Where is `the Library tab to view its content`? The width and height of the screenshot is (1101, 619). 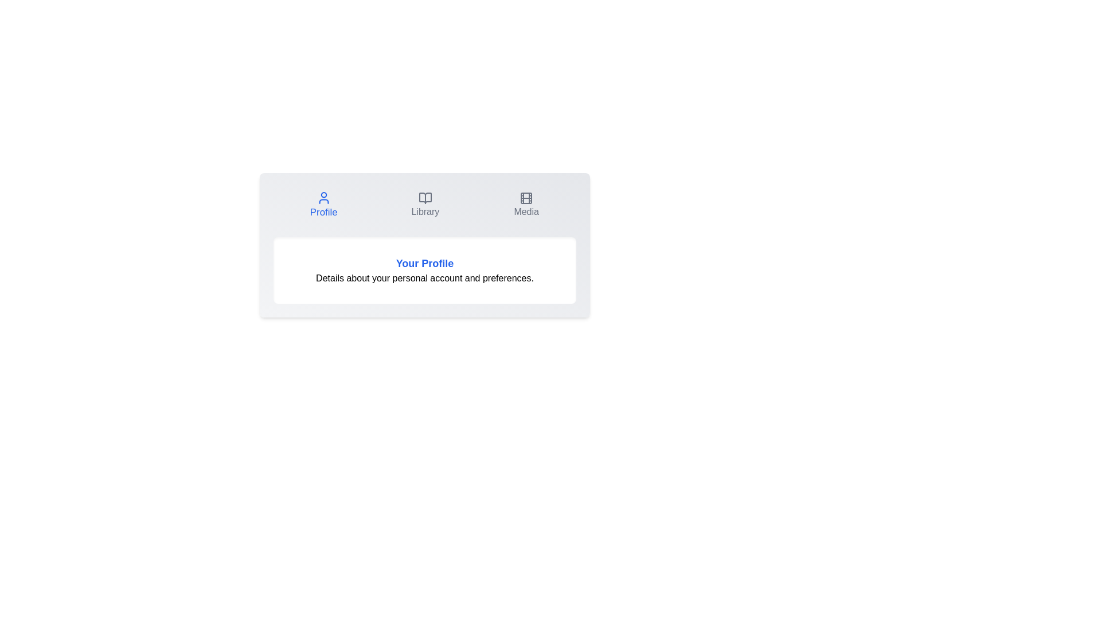 the Library tab to view its content is located at coordinates (424, 205).